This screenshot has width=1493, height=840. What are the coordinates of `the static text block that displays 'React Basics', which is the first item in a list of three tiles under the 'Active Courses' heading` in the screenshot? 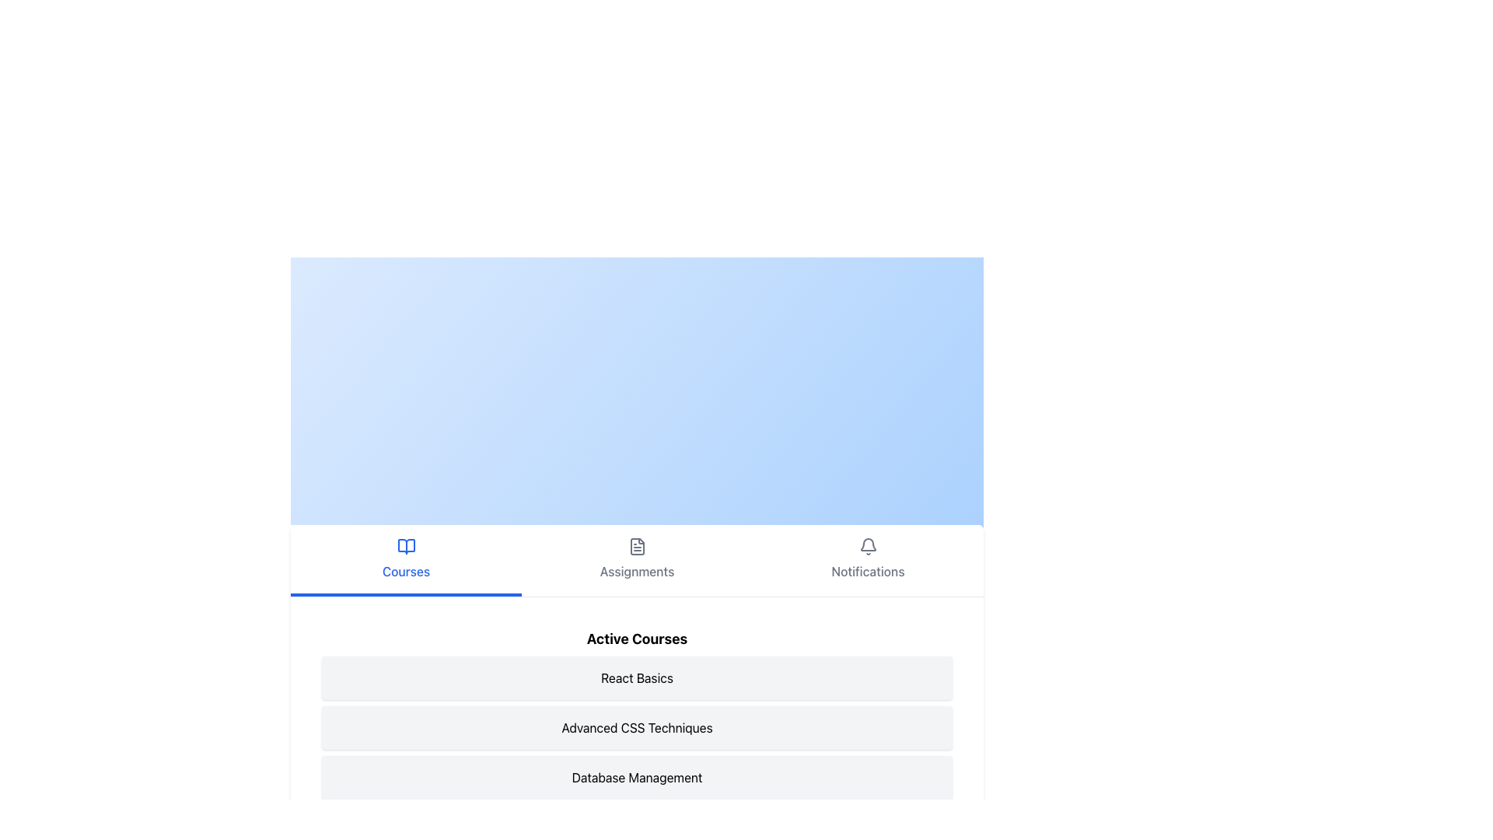 It's located at (637, 677).